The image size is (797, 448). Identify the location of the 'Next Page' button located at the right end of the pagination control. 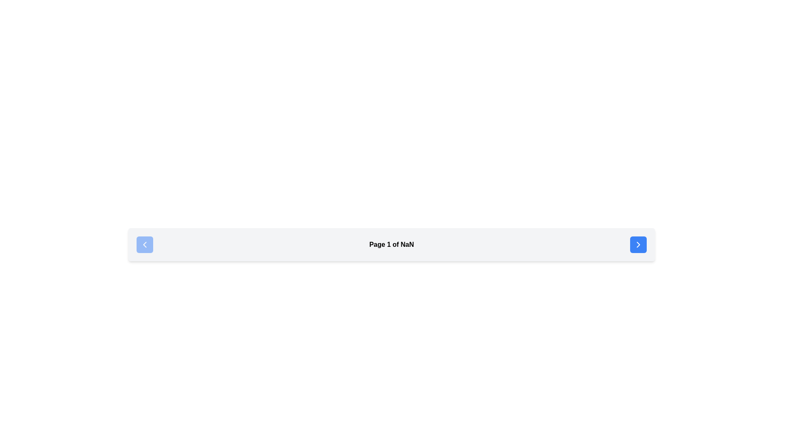
(638, 244).